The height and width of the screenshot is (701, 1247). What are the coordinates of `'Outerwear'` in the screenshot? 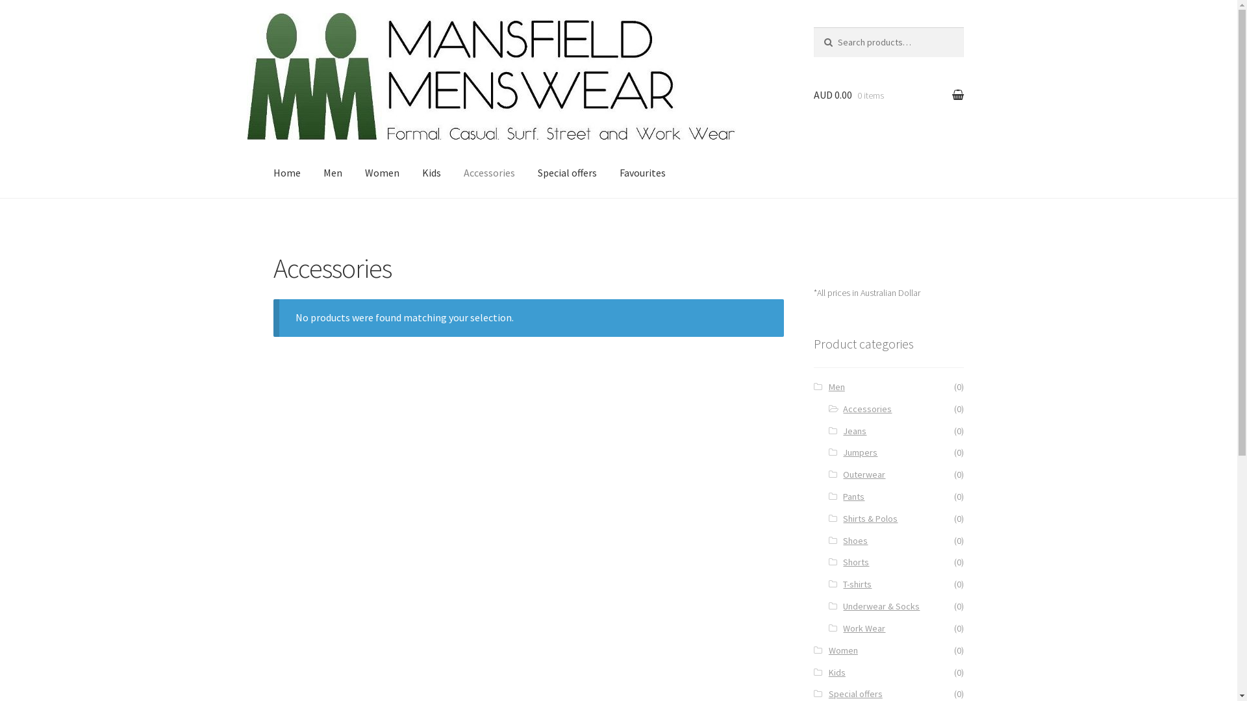 It's located at (864, 474).